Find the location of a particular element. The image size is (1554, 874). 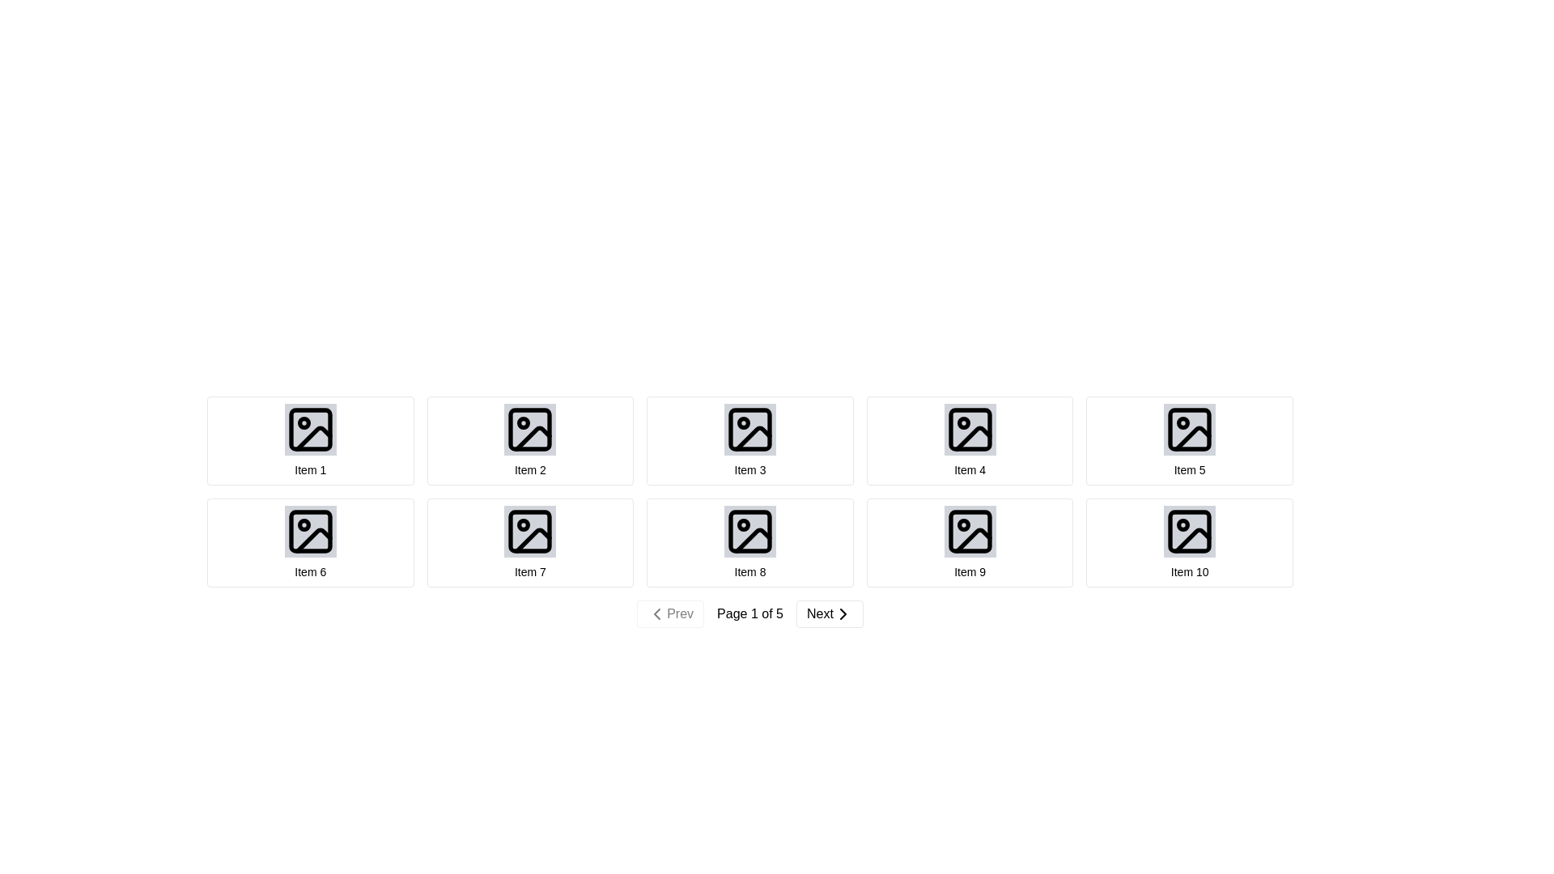

the chevron-shaped arrow icon pointing to the right located at the bottom-right corner of the interface is located at coordinates (842, 614).